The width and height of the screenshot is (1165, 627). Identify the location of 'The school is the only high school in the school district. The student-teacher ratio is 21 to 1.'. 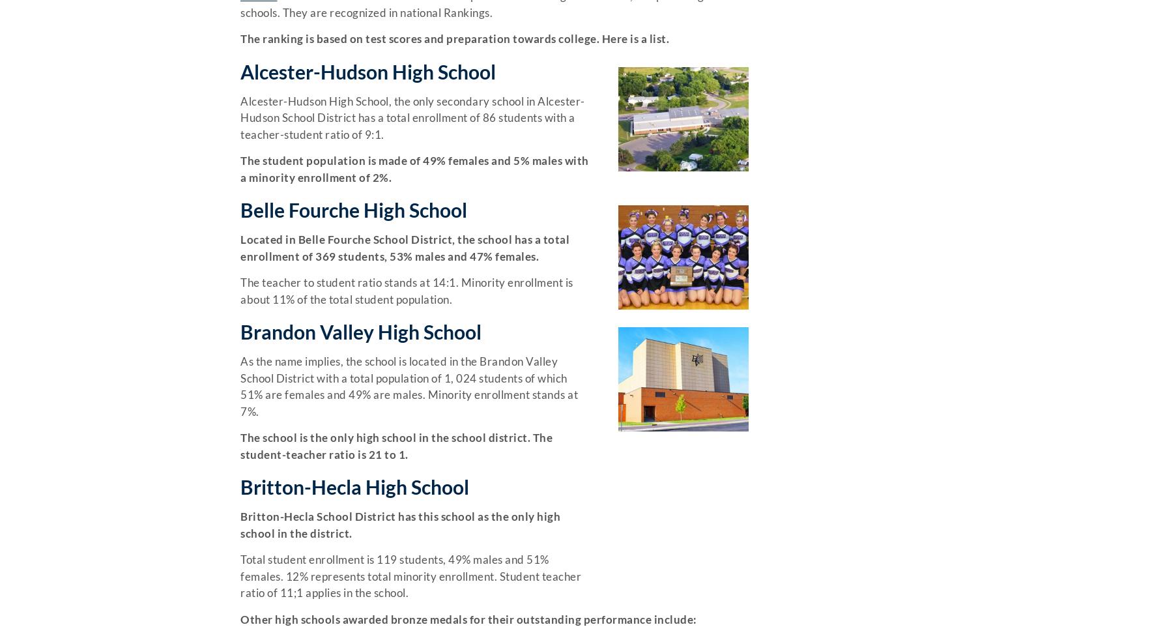
(396, 445).